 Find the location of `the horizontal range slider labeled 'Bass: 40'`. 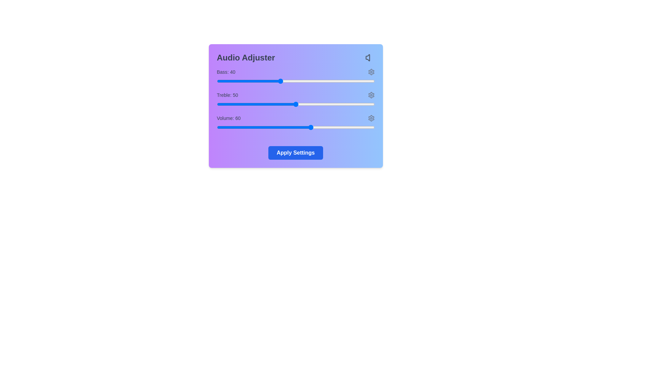

the horizontal range slider labeled 'Bass: 40' is located at coordinates (296, 77).